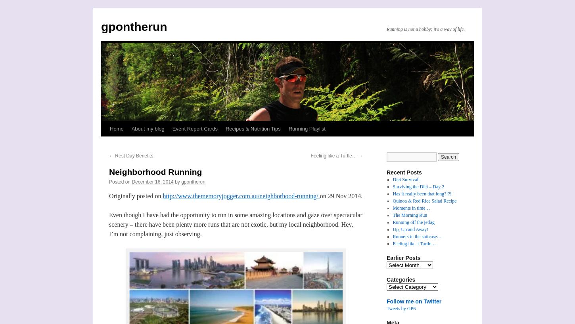  What do you see at coordinates (404, 172) in the screenshot?
I see `'Recent Posts'` at bounding box center [404, 172].